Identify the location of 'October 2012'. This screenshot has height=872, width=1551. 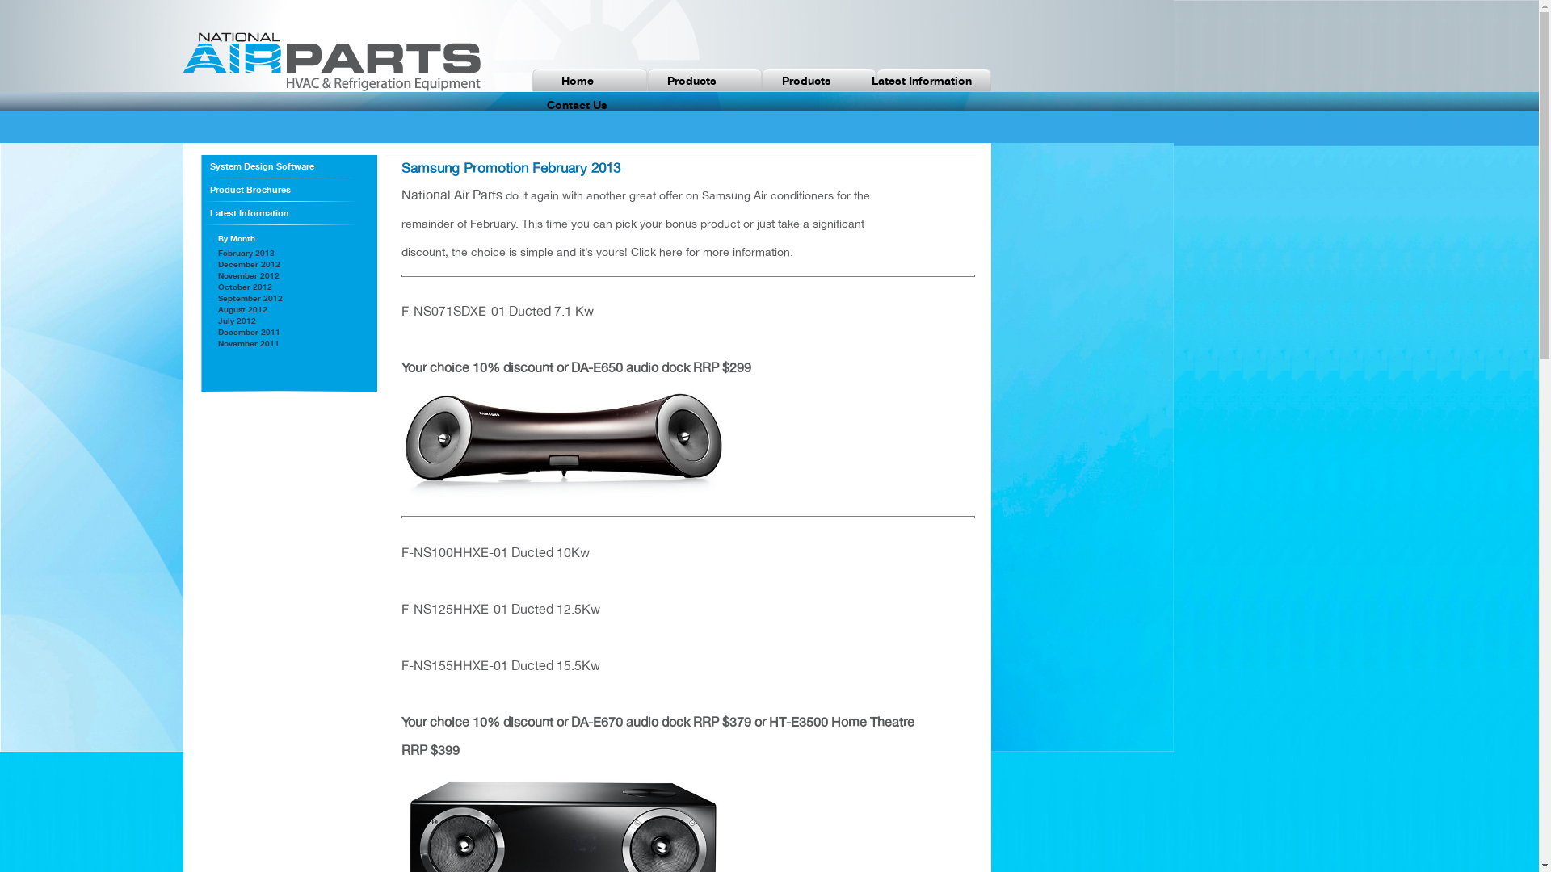
(244, 285).